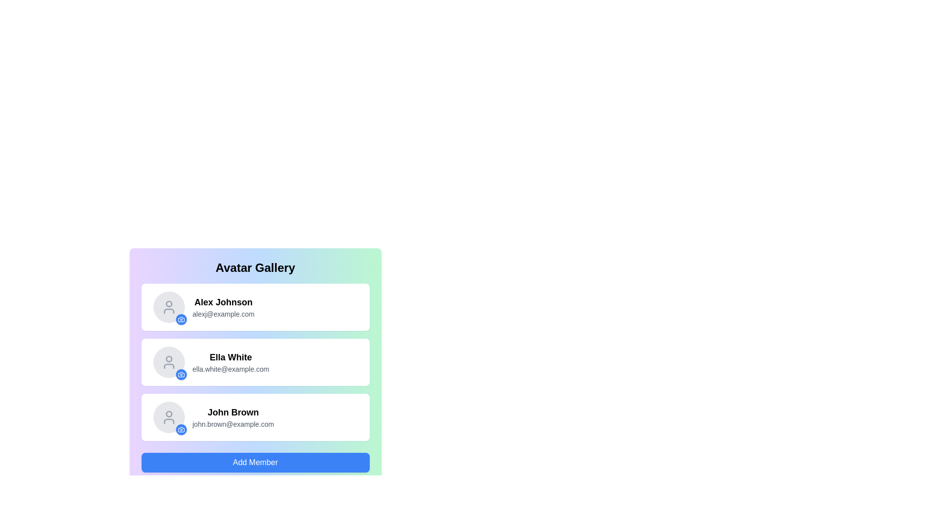 This screenshot has width=944, height=531. I want to click on the icon button located at the bottom-right of Ella White's profile avatar in the Avatar Gallery section, so click(181, 375).